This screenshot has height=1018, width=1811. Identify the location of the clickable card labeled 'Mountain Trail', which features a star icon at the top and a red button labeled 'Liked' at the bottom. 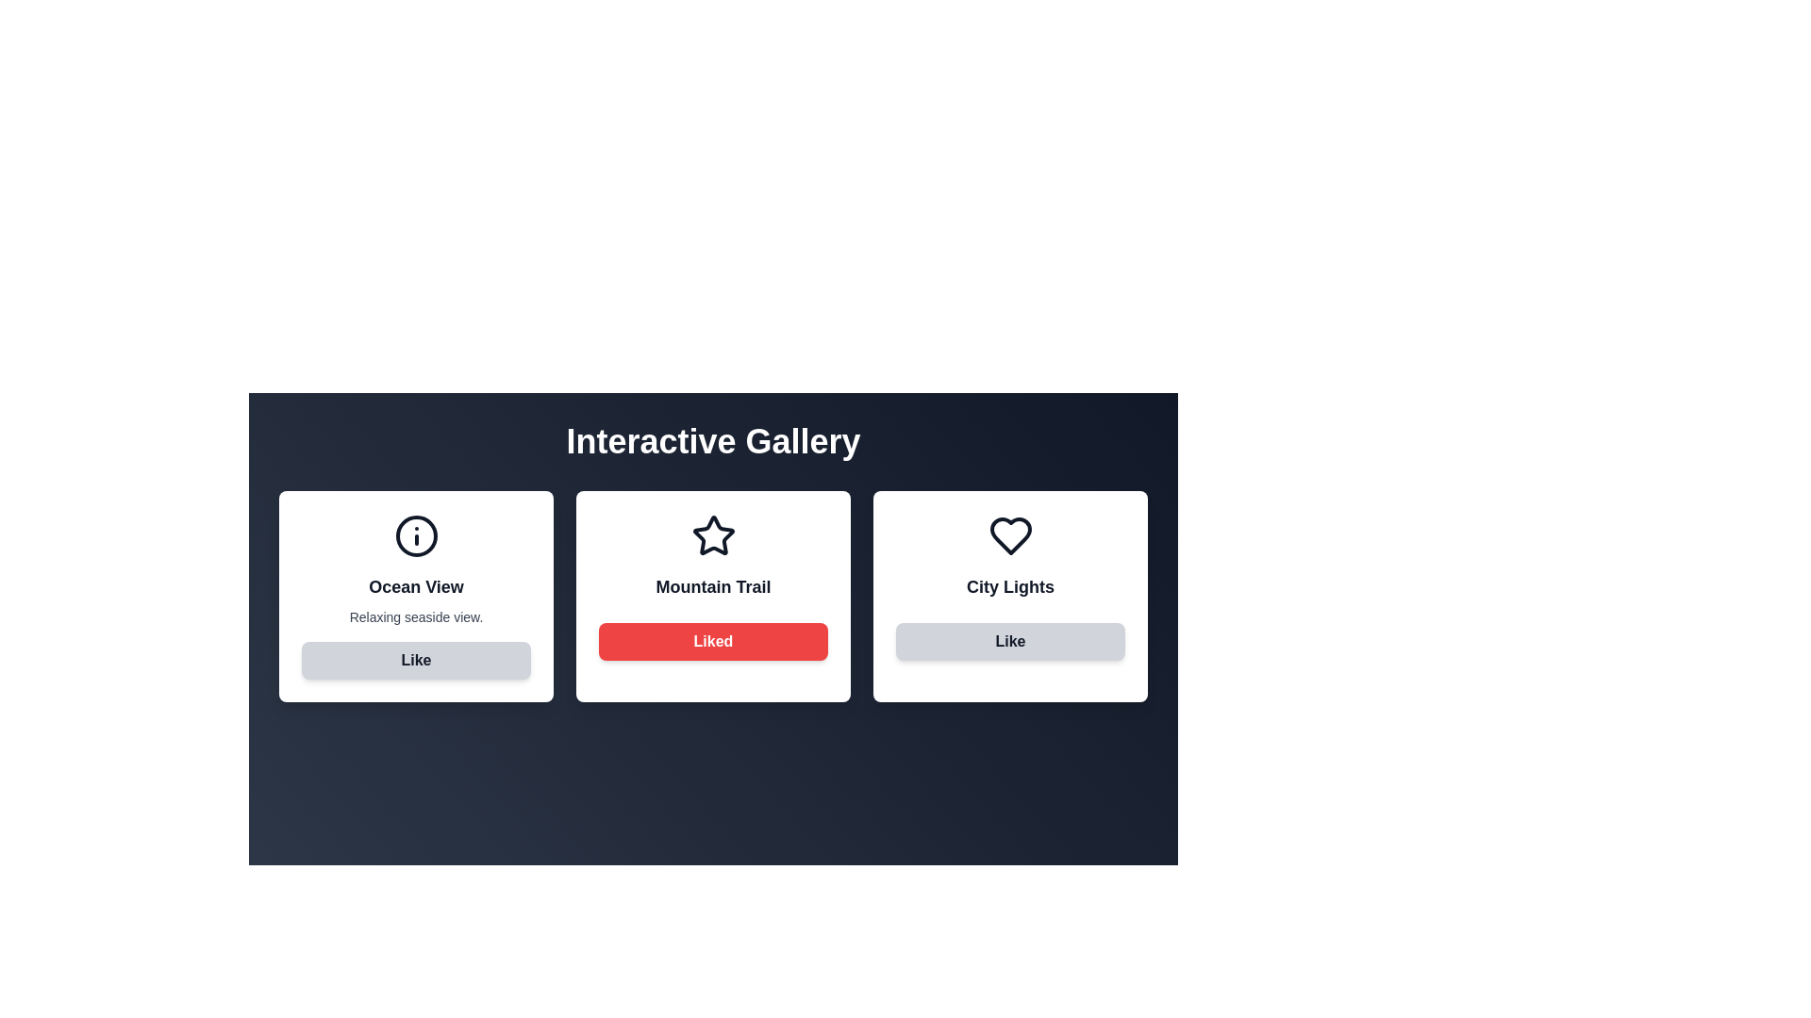
(712, 596).